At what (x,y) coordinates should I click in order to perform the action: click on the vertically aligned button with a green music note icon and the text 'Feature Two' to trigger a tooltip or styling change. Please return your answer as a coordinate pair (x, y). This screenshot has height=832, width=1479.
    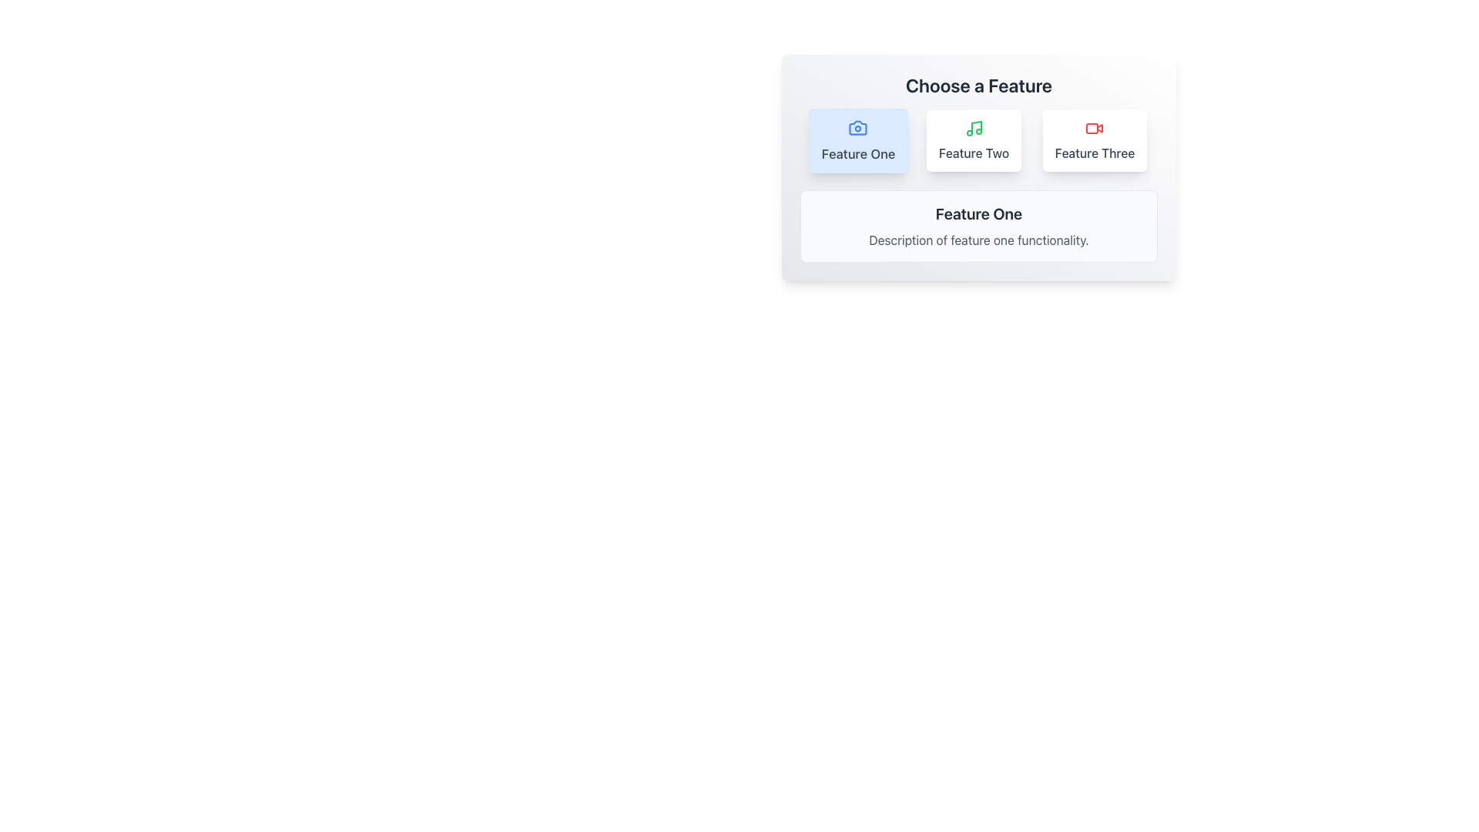
    Looking at the image, I should click on (973, 140).